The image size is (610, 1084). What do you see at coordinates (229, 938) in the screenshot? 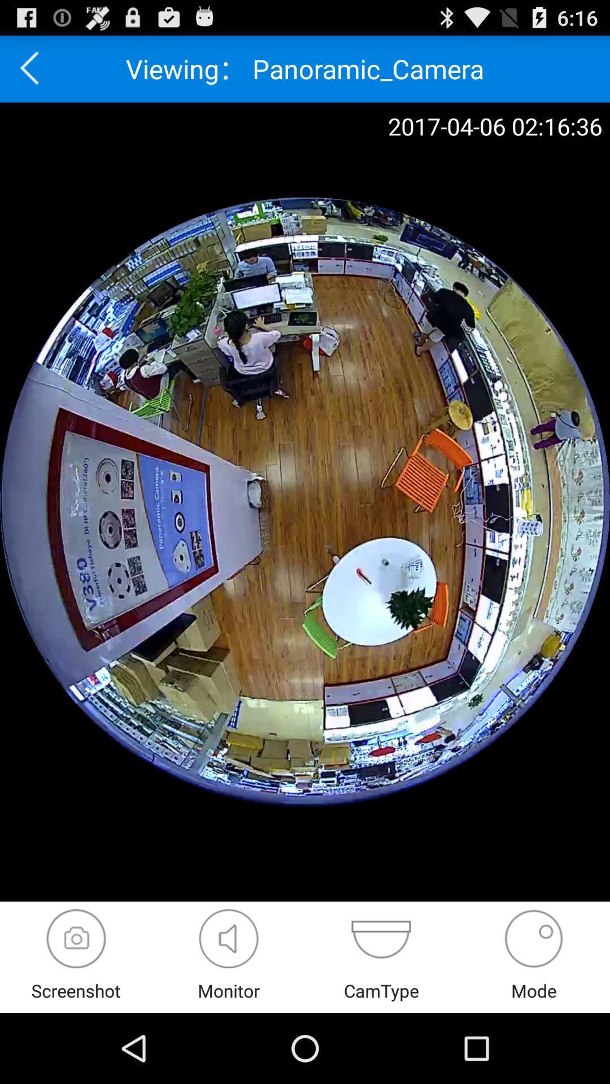
I see `camera audio` at bounding box center [229, 938].